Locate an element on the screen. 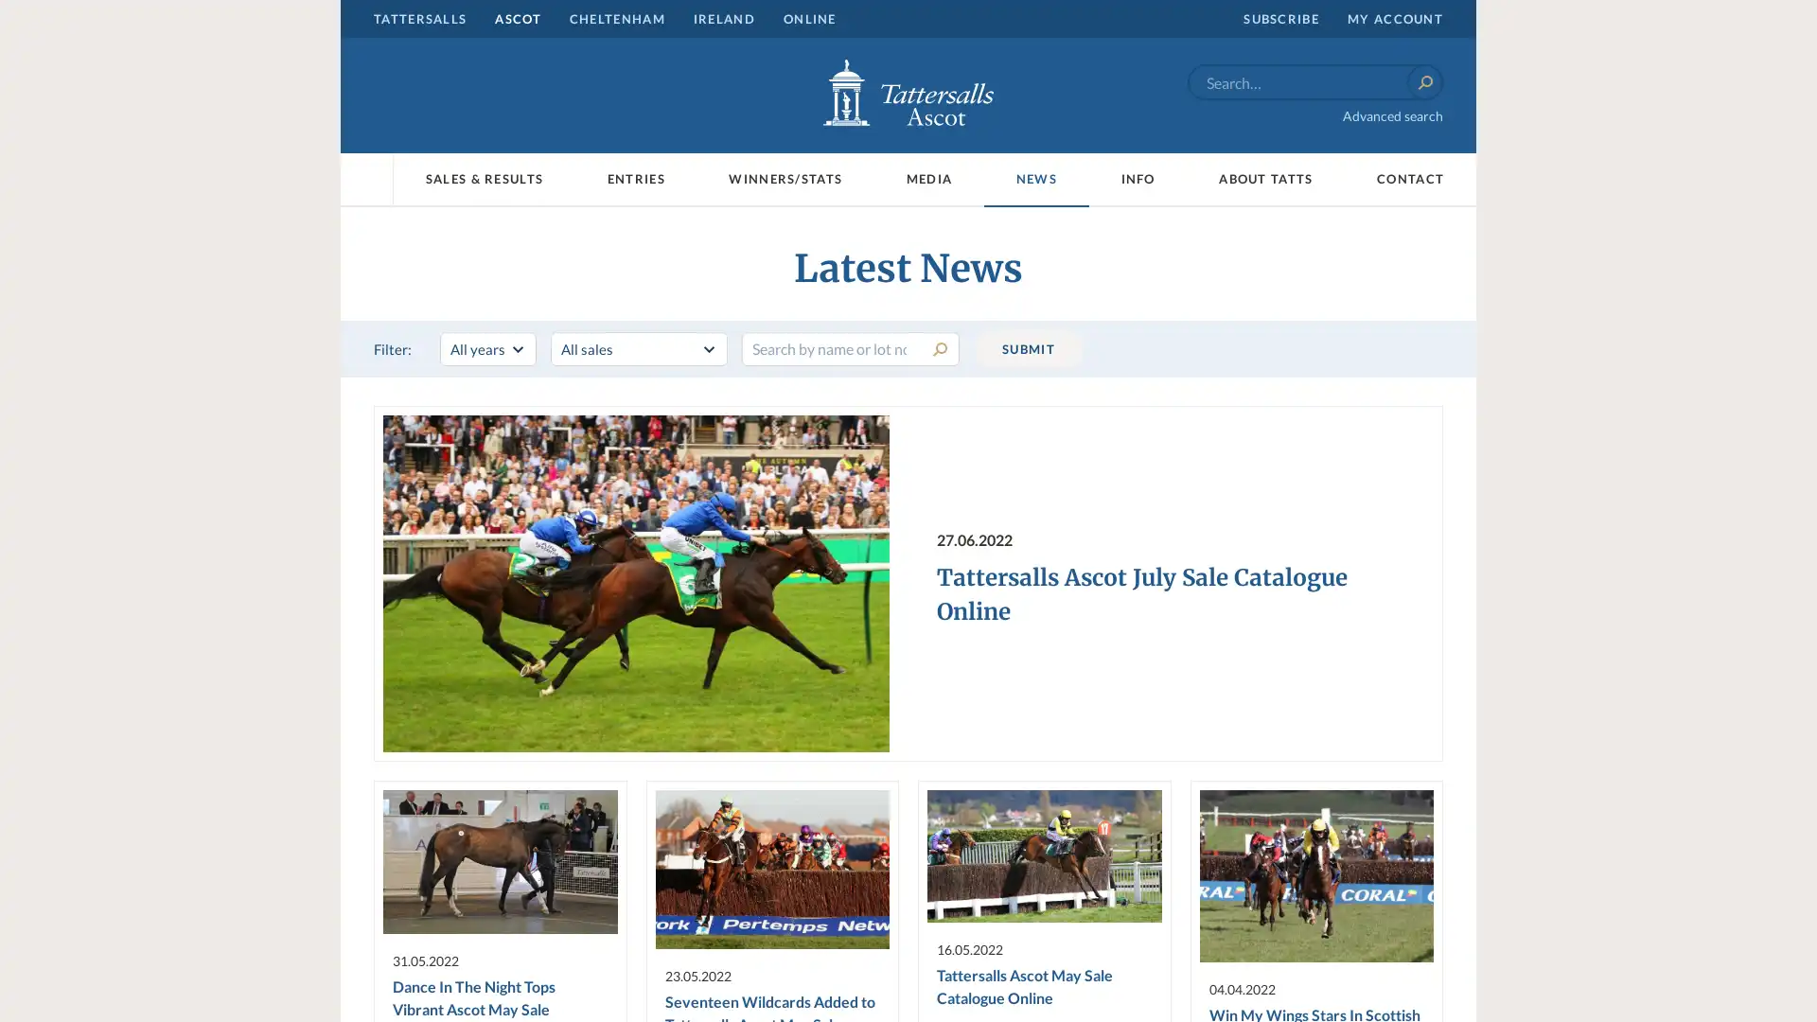  SUBMIT is located at coordinates (1027, 349).